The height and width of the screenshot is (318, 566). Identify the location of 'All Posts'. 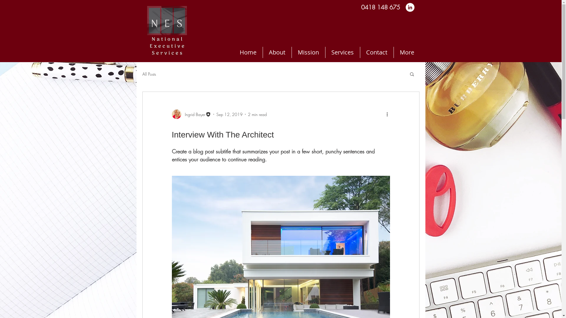
(142, 74).